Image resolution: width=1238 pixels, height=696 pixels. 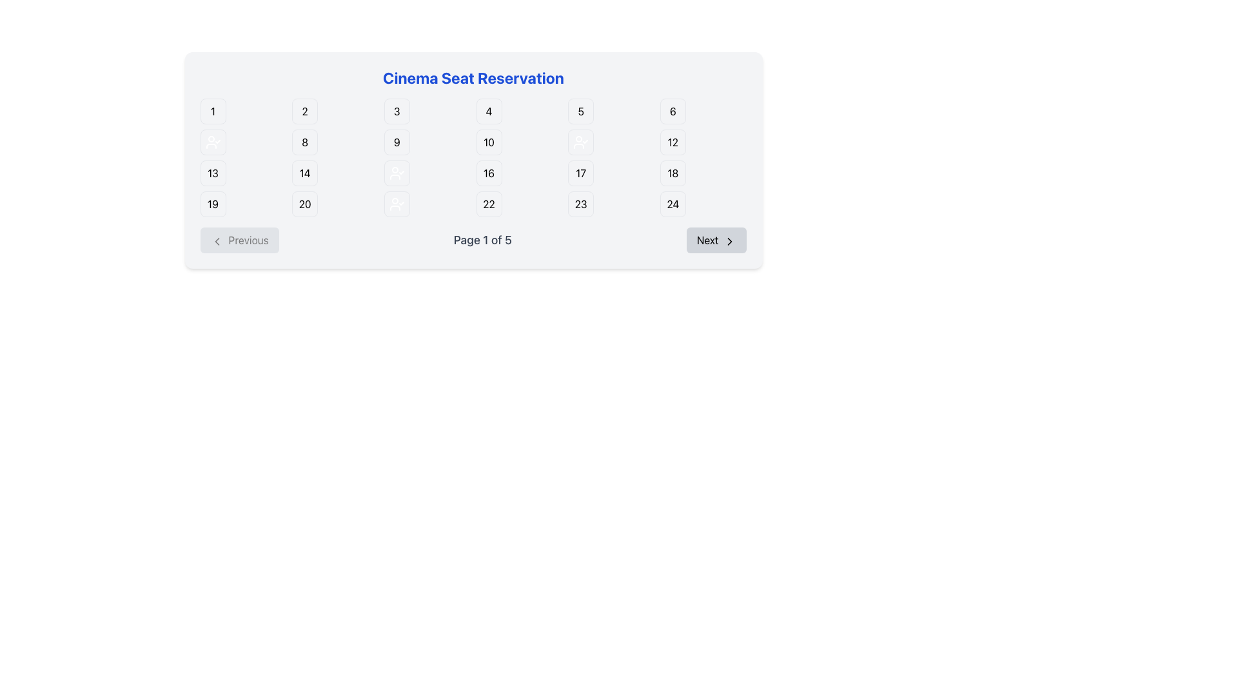 I want to click on the selectable seat button labeled '5' in the cinema reservation system, so click(x=580, y=111).